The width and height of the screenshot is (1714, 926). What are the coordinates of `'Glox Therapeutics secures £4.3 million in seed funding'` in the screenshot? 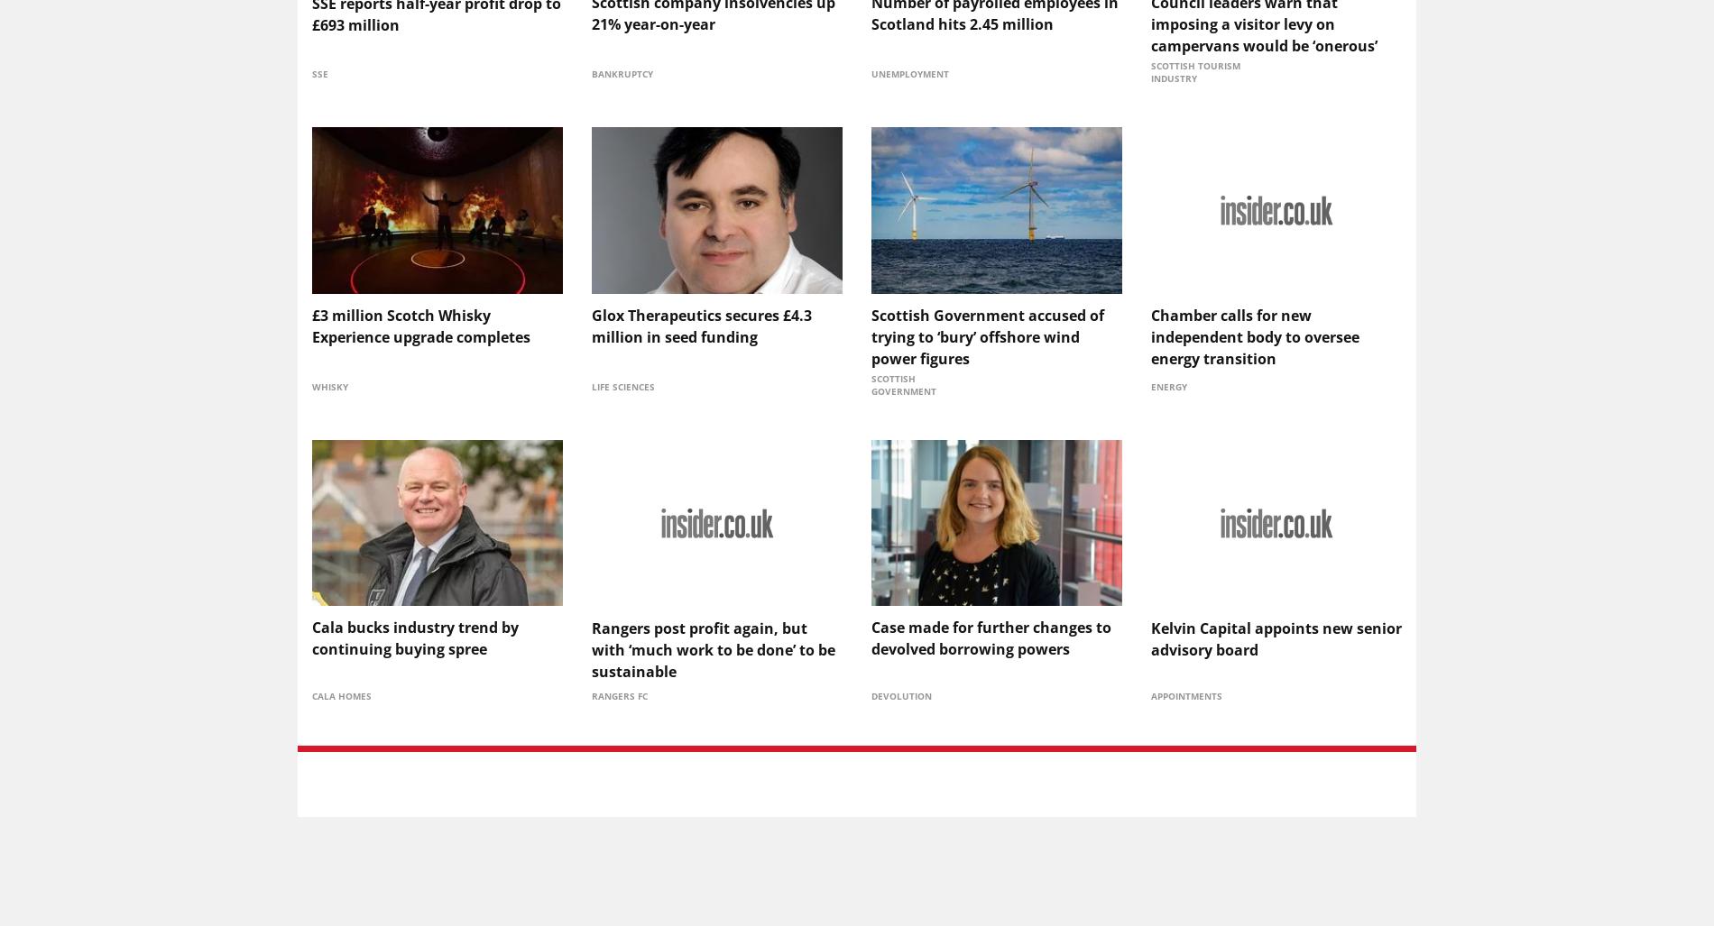 It's located at (701, 325).